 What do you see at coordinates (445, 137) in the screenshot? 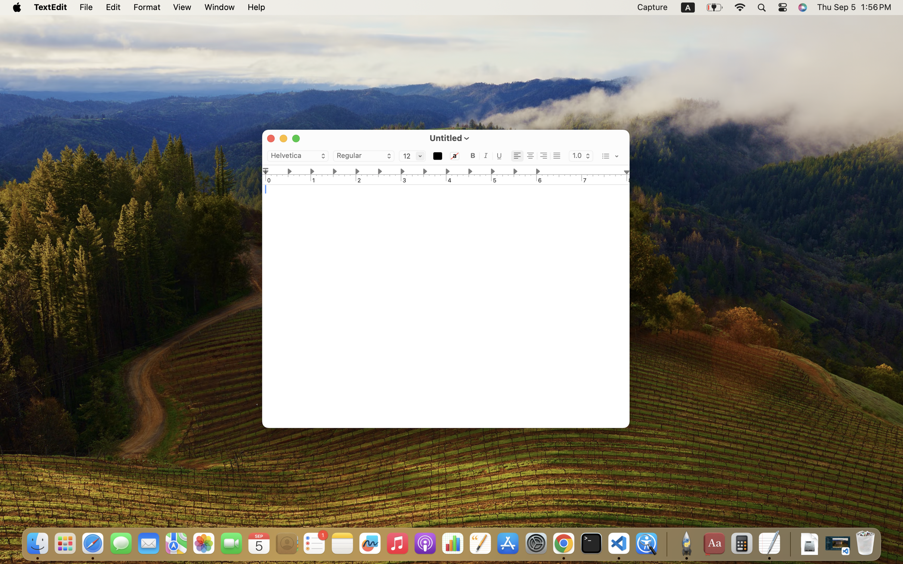
I see `'Untitled'` at bounding box center [445, 137].